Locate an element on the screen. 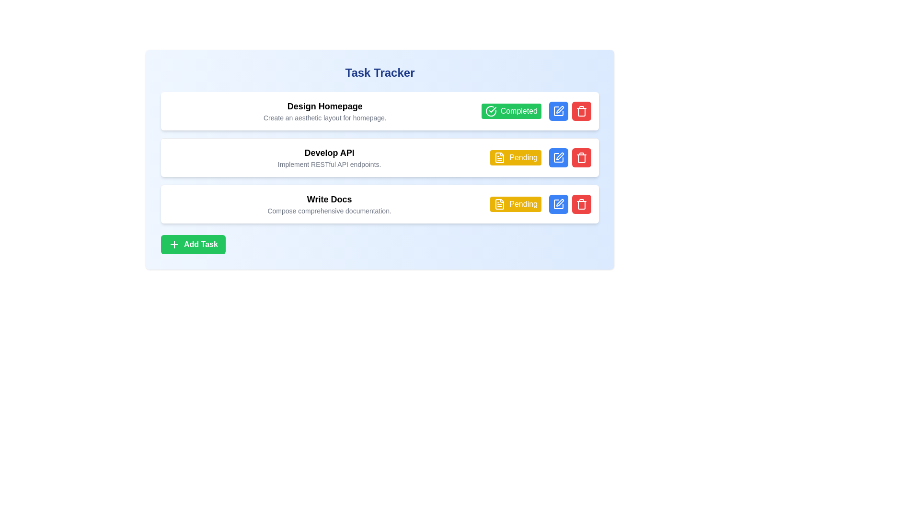  the medium-sized rectangular button with a blue background and a white pen icon, located in the middle-right section of the second task in the task tracker interface is located at coordinates (559, 157).